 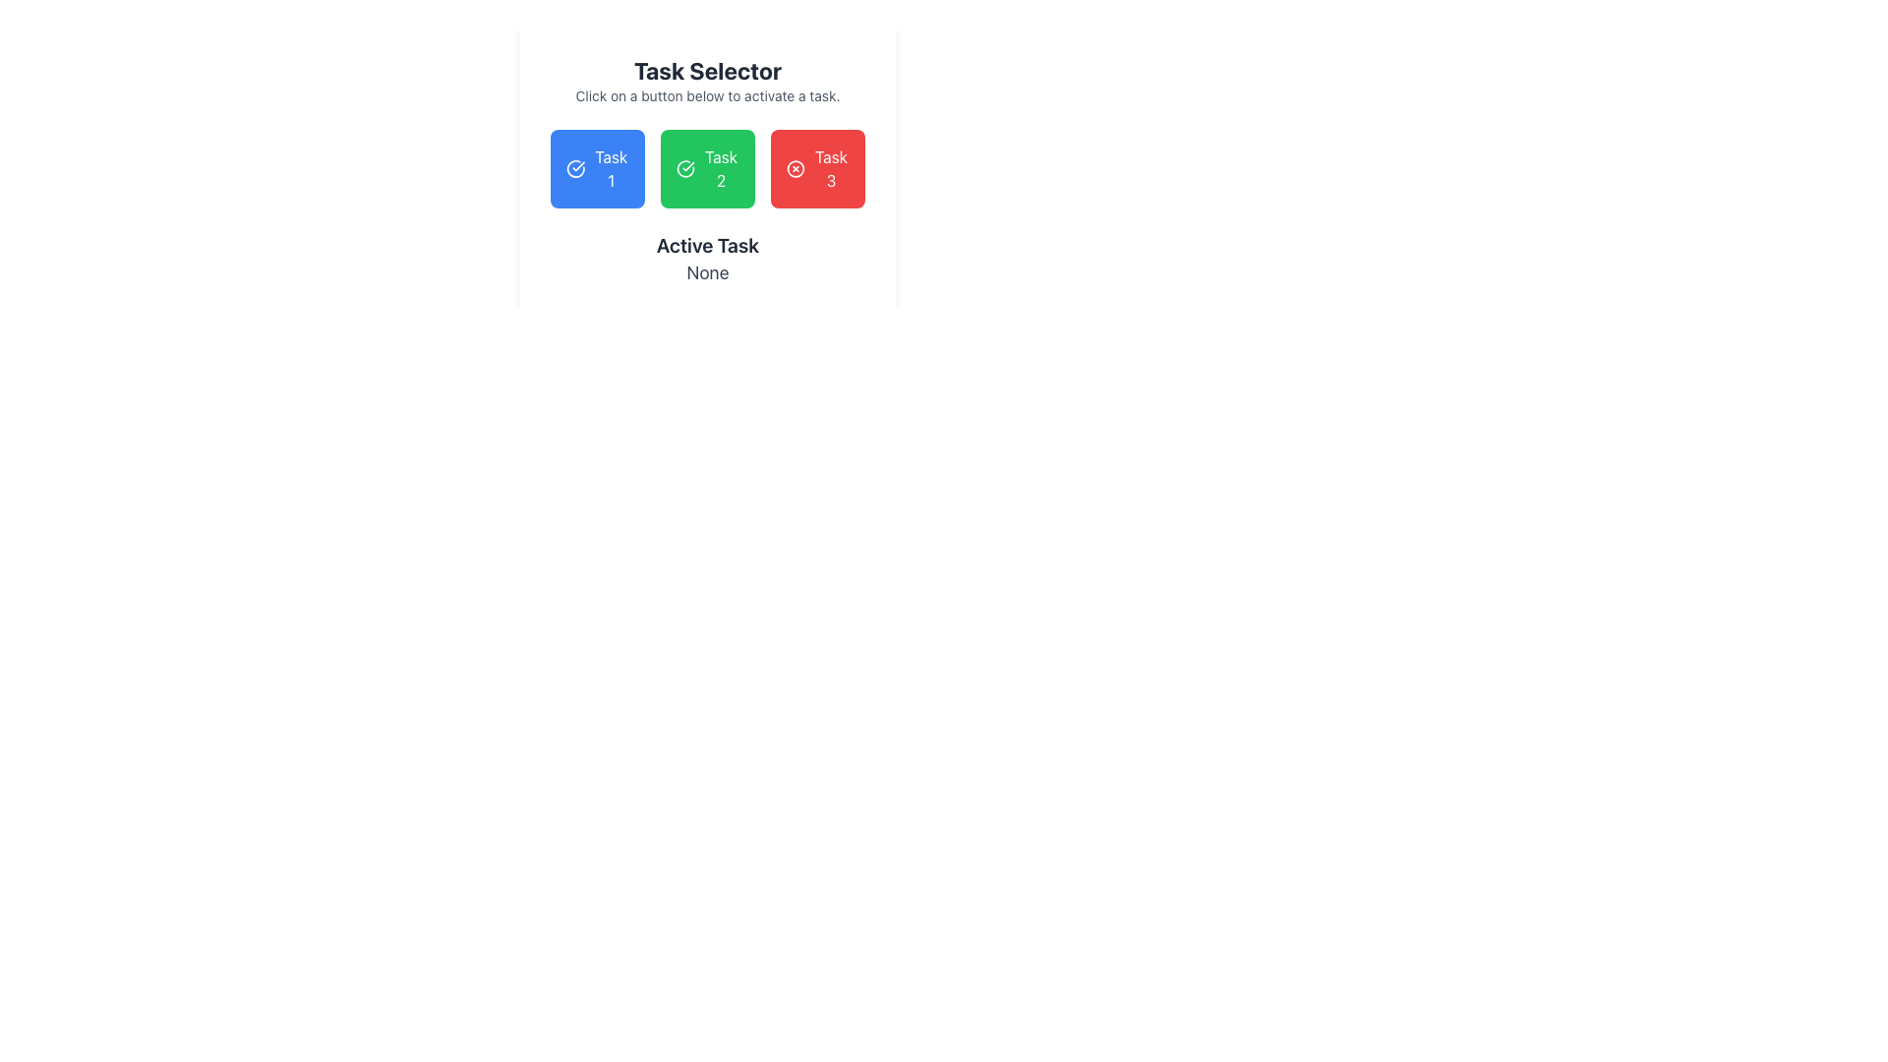 What do you see at coordinates (574, 168) in the screenshot?
I see `the circular checkmark icon outlined in white inside the blue button labeled 'Task 1'` at bounding box center [574, 168].